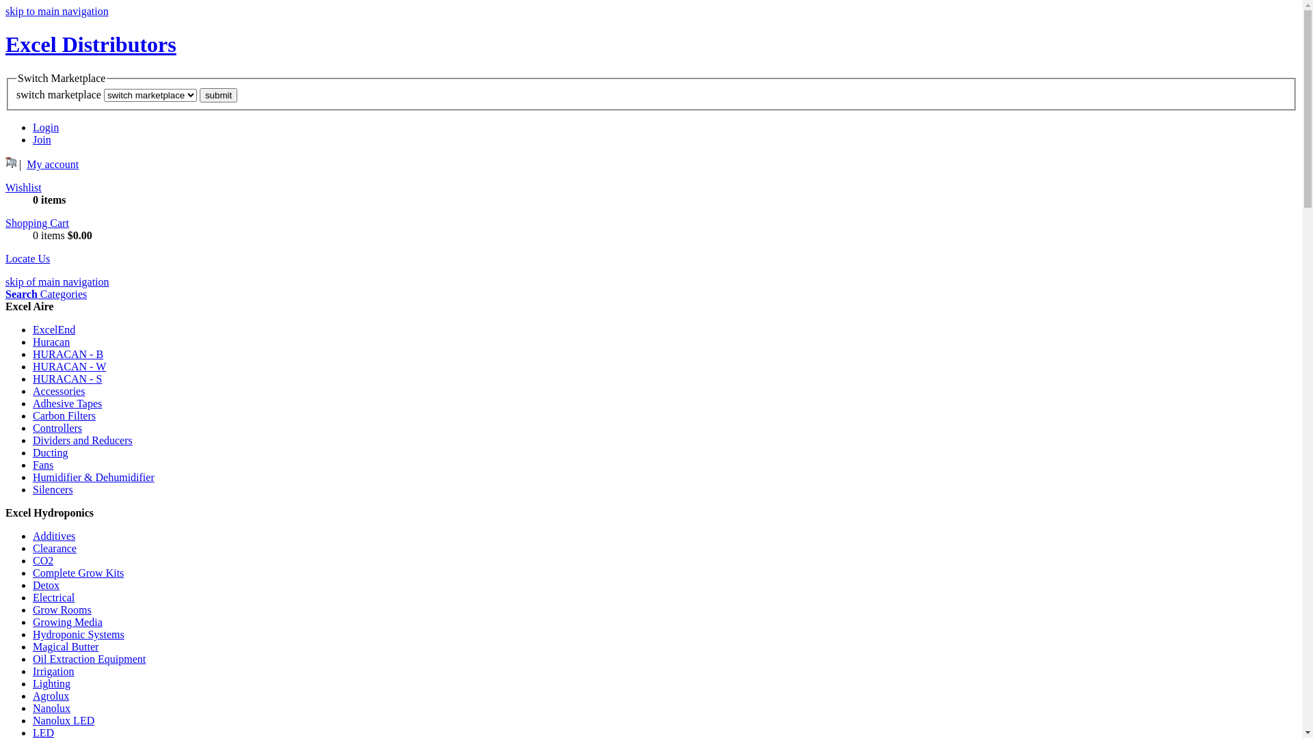  I want to click on 'Grow Rooms', so click(62, 609).